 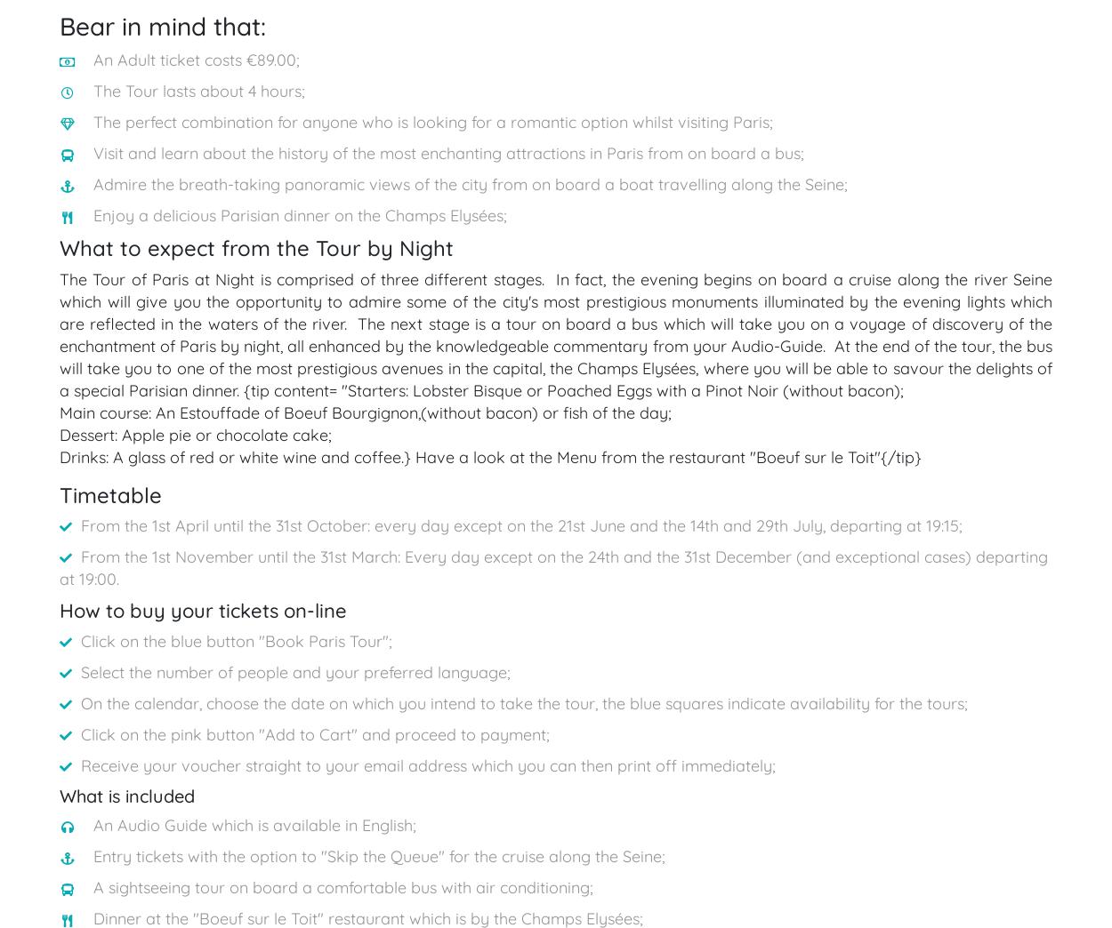 What do you see at coordinates (841, 374) in the screenshot?
I see `'GDPR'` at bounding box center [841, 374].